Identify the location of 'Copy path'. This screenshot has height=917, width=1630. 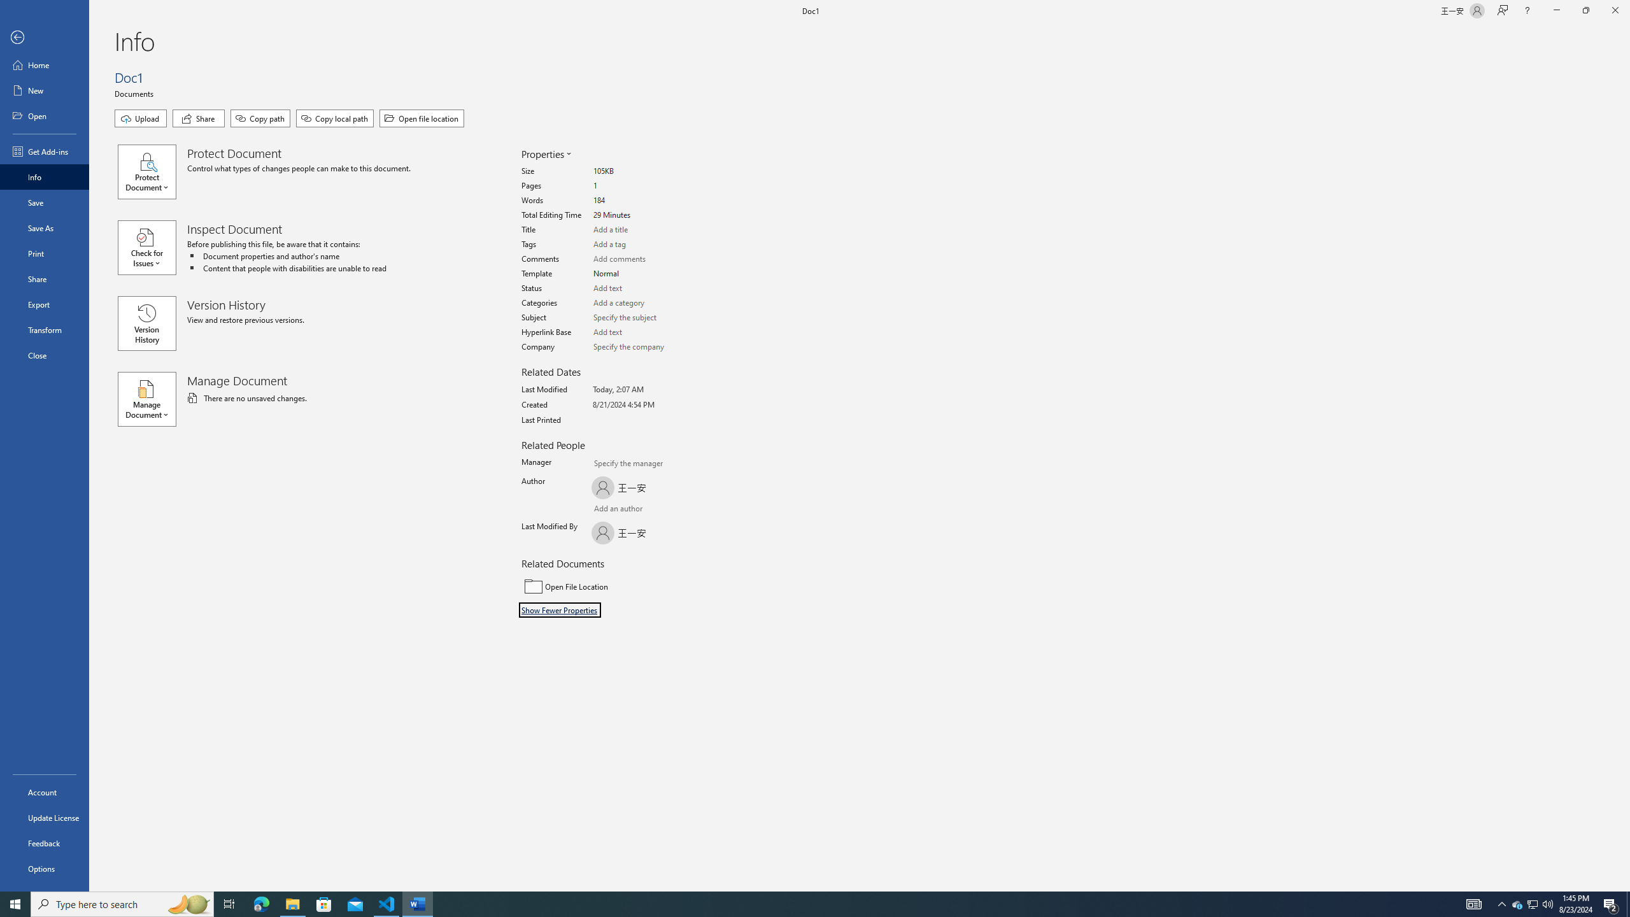
(259, 117).